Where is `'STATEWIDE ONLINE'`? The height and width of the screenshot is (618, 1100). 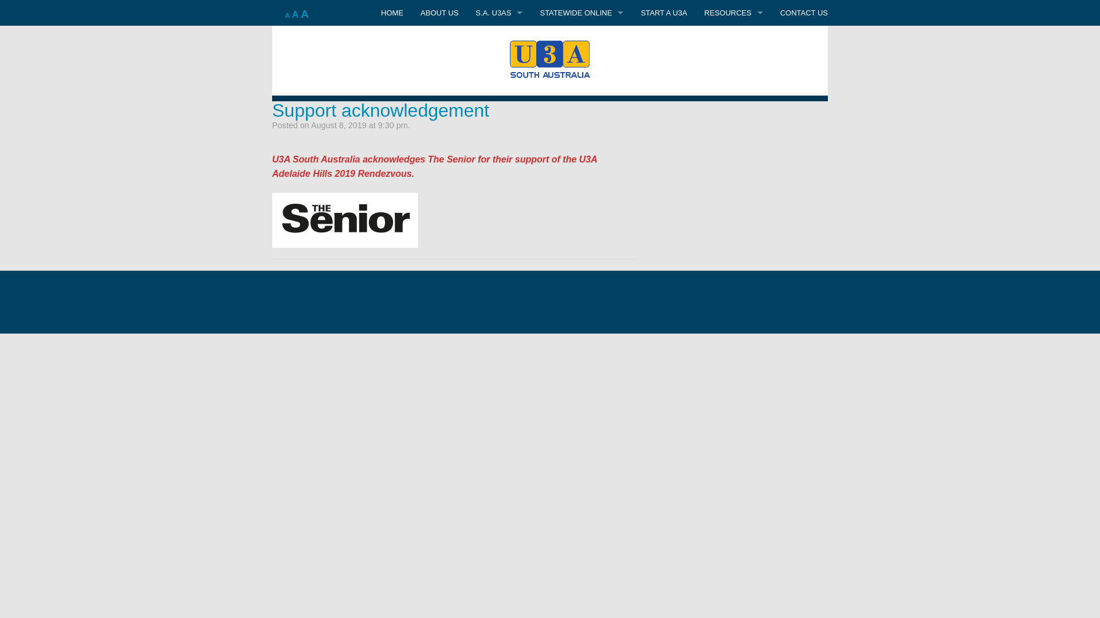 'STATEWIDE ONLINE' is located at coordinates (581, 13).